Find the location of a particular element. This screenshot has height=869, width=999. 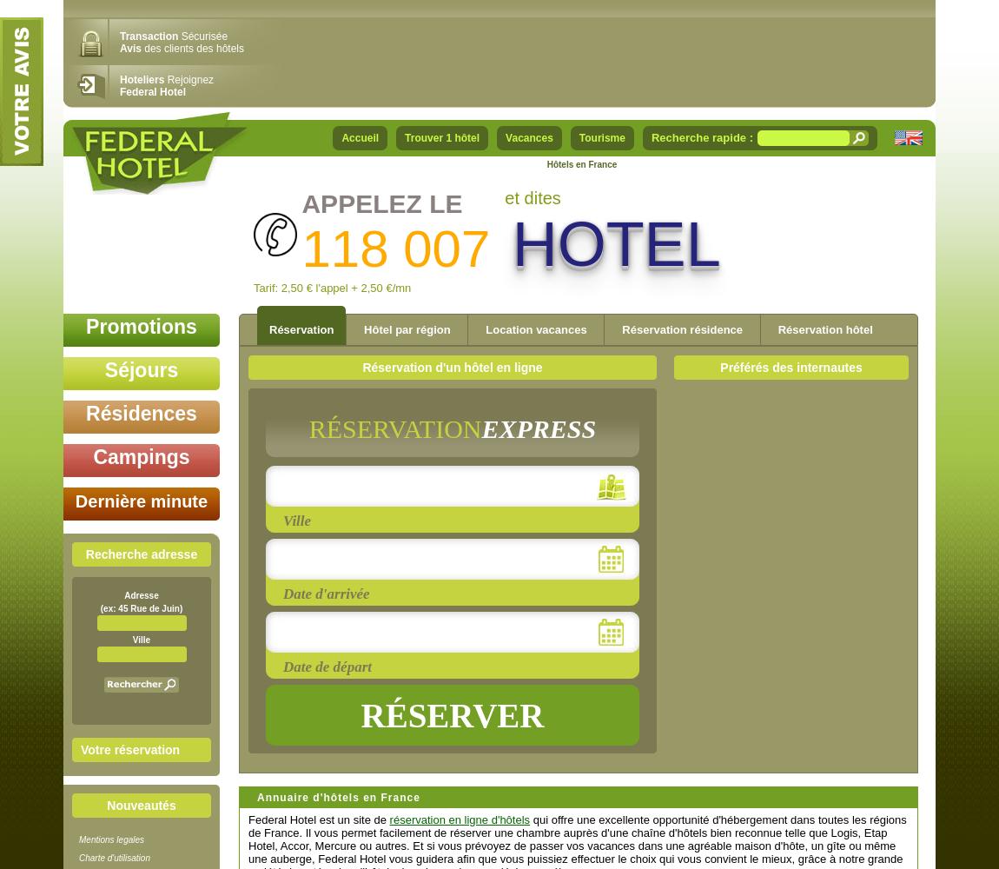

'Dernière minute' is located at coordinates (140, 501).